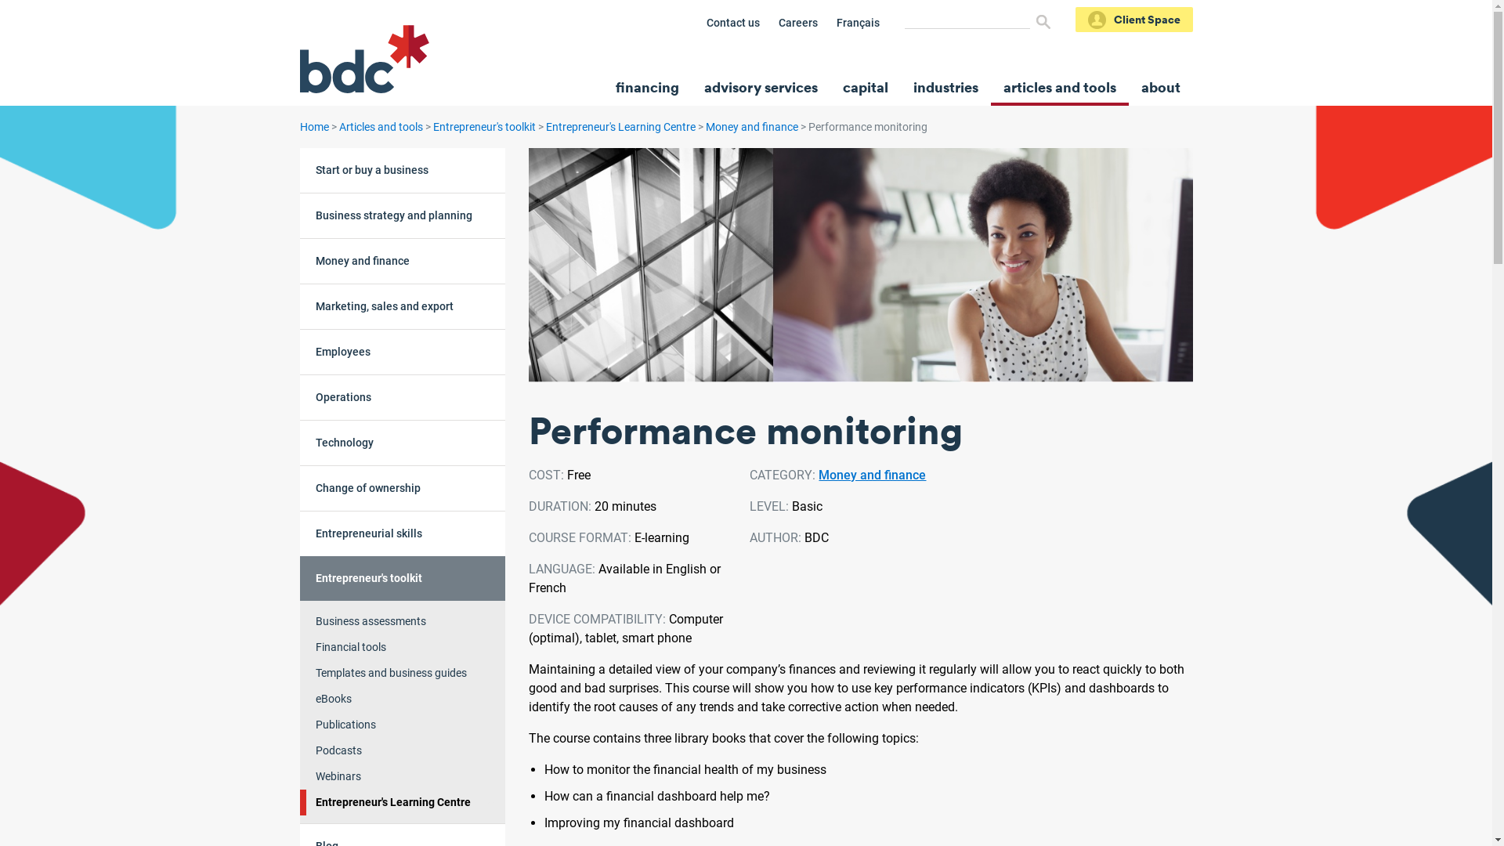 This screenshot has width=1504, height=846. Describe the element at coordinates (402, 647) in the screenshot. I see `'Financial tools'` at that location.